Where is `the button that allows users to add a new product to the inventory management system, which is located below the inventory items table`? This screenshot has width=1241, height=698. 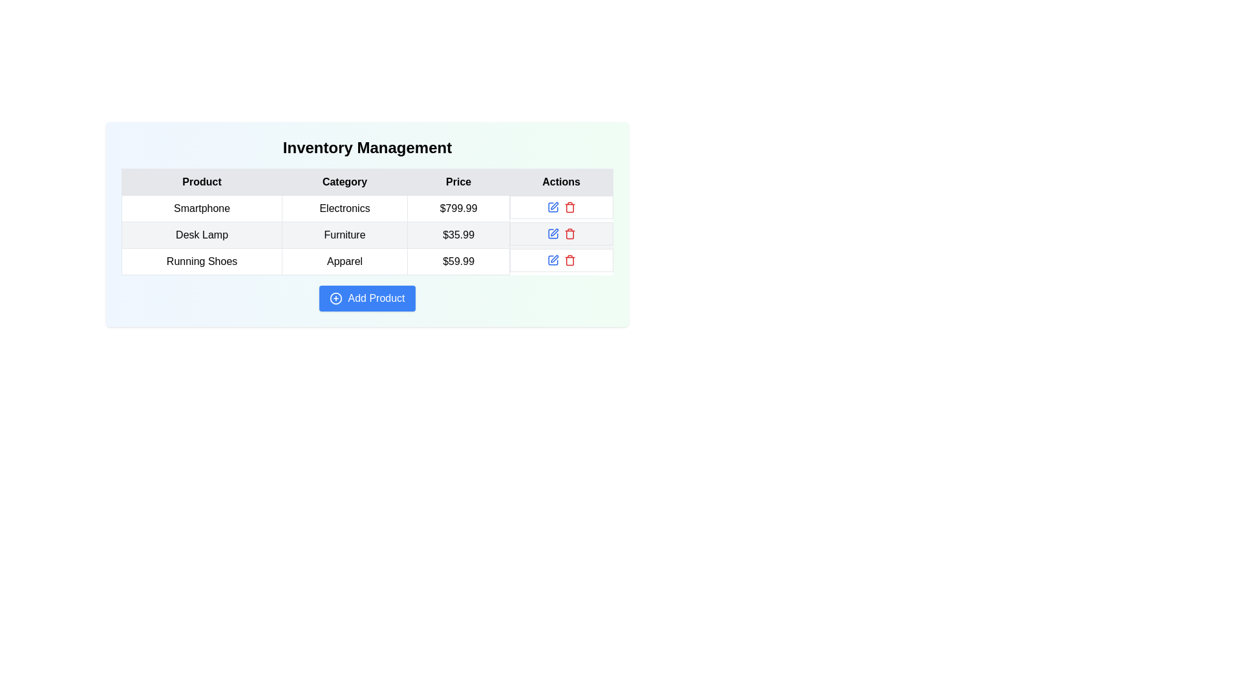
the button that allows users to add a new product to the inventory management system, which is located below the inventory items table is located at coordinates (366, 299).